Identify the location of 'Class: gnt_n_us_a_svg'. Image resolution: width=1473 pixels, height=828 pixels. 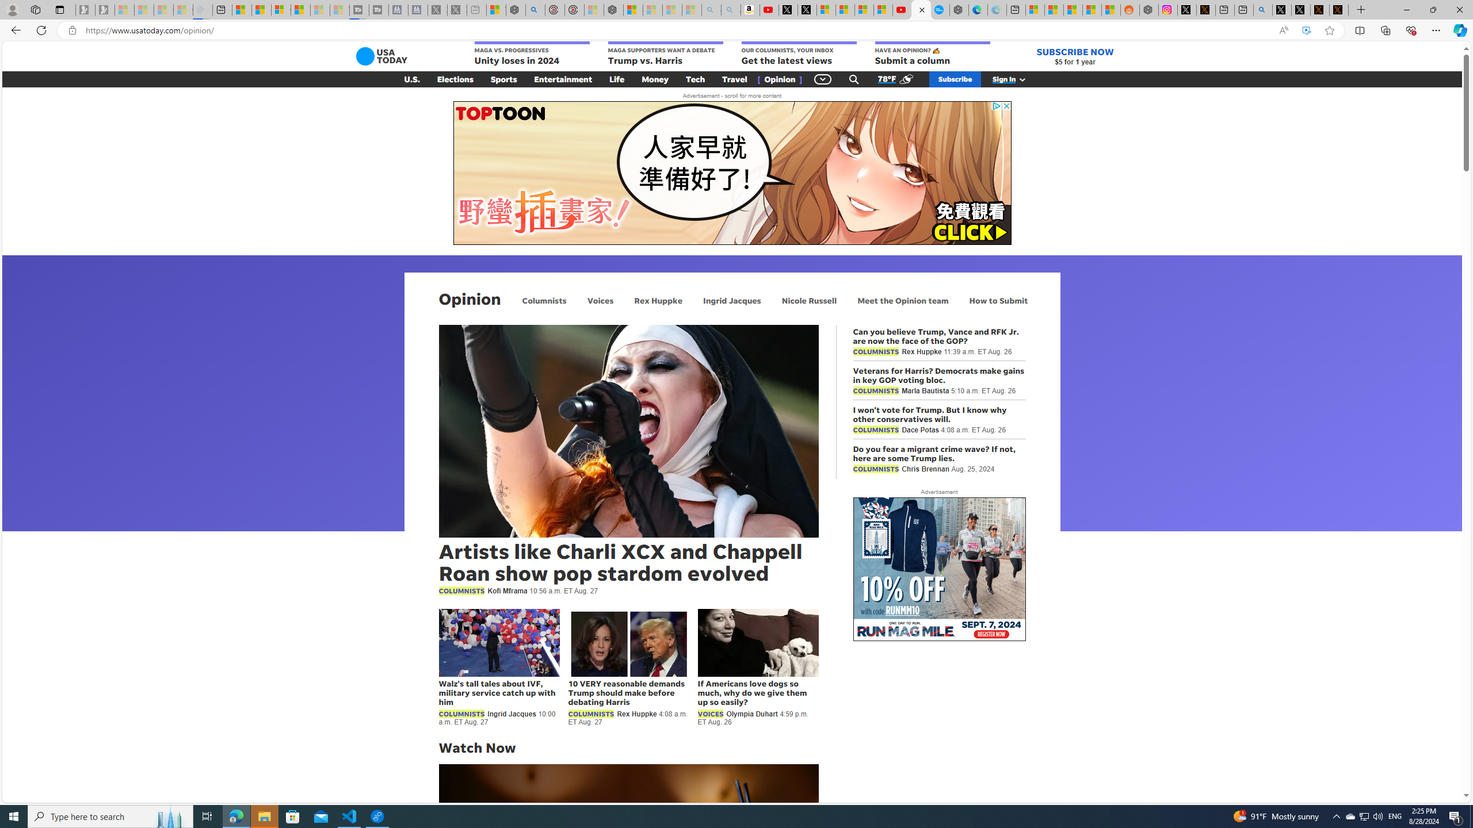
(1020, 79).